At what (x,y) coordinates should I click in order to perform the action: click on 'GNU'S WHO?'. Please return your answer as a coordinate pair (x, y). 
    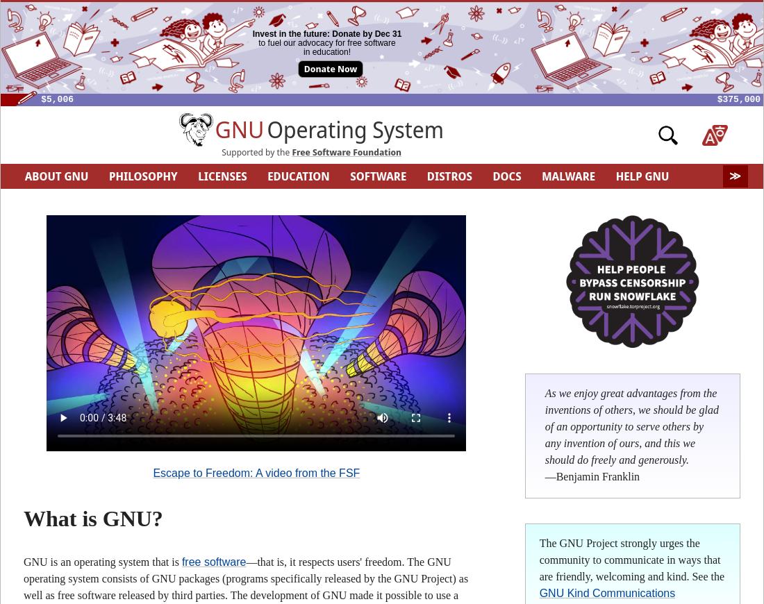
    Looking at the image, I should click on (272, 201).